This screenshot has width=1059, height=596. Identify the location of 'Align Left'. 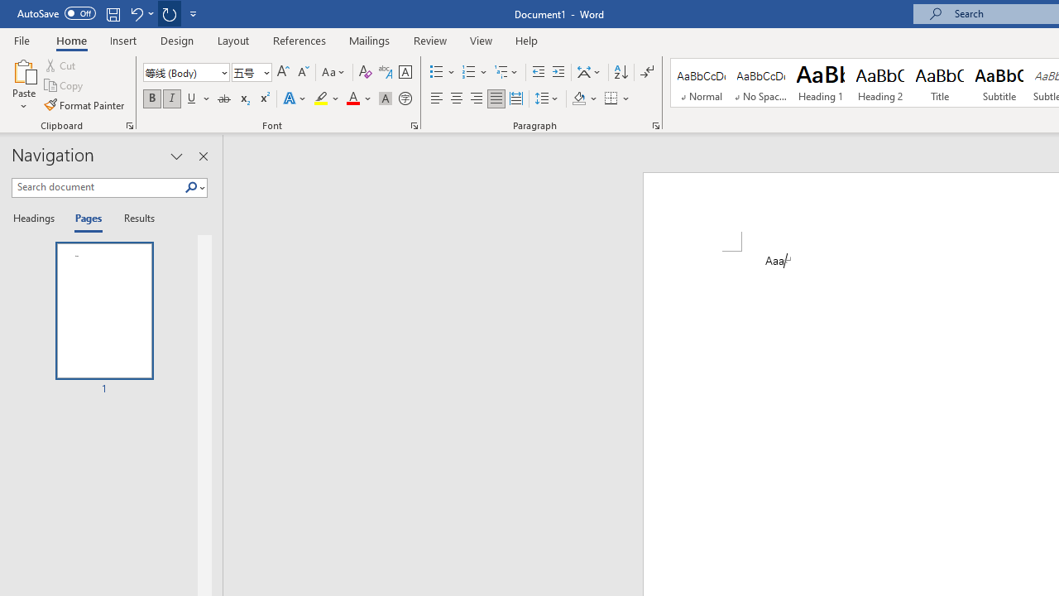
(437, 99).